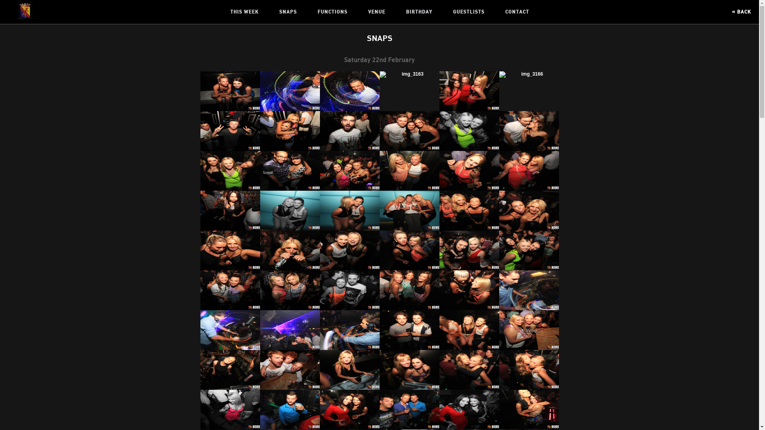 The image size is (765, 430). What do you see at coordinates (200, 410) in the screenshot?
I see `' '` at bounding box center [200, 410].